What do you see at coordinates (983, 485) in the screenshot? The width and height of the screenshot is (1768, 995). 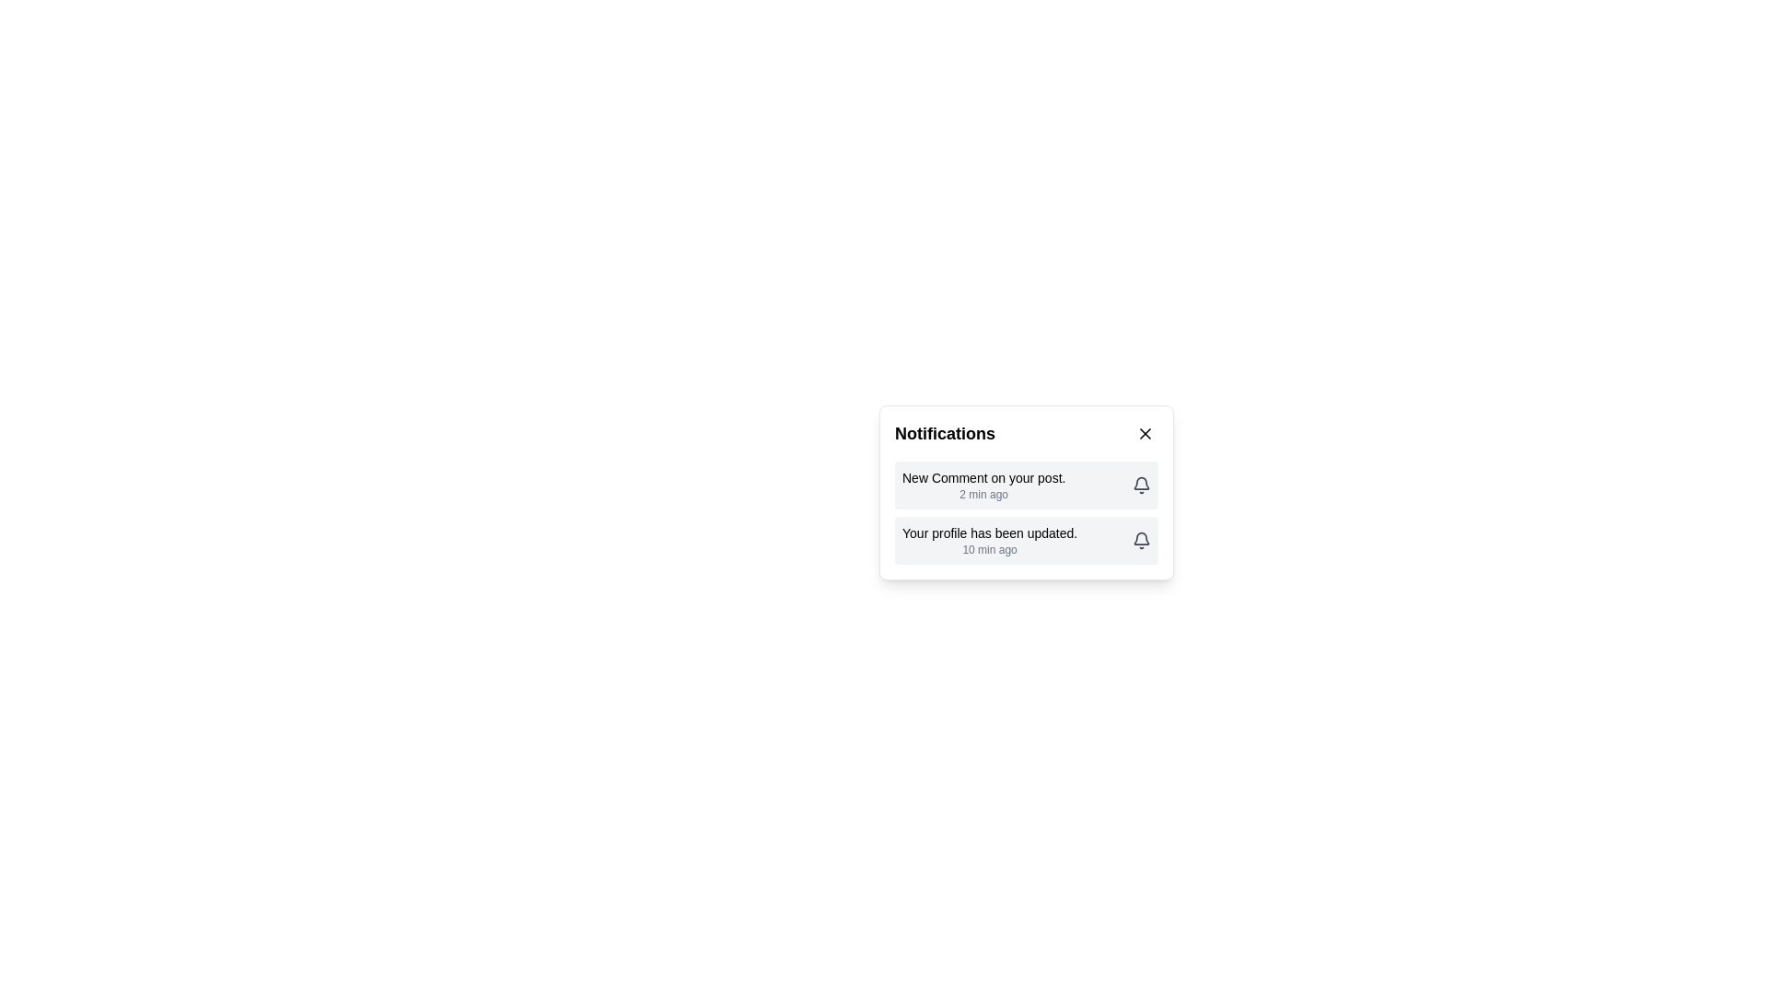 I see `the notification item titled 'New Comment on your post.' located in the second row of the notification list` at bounding box center [983, 485].